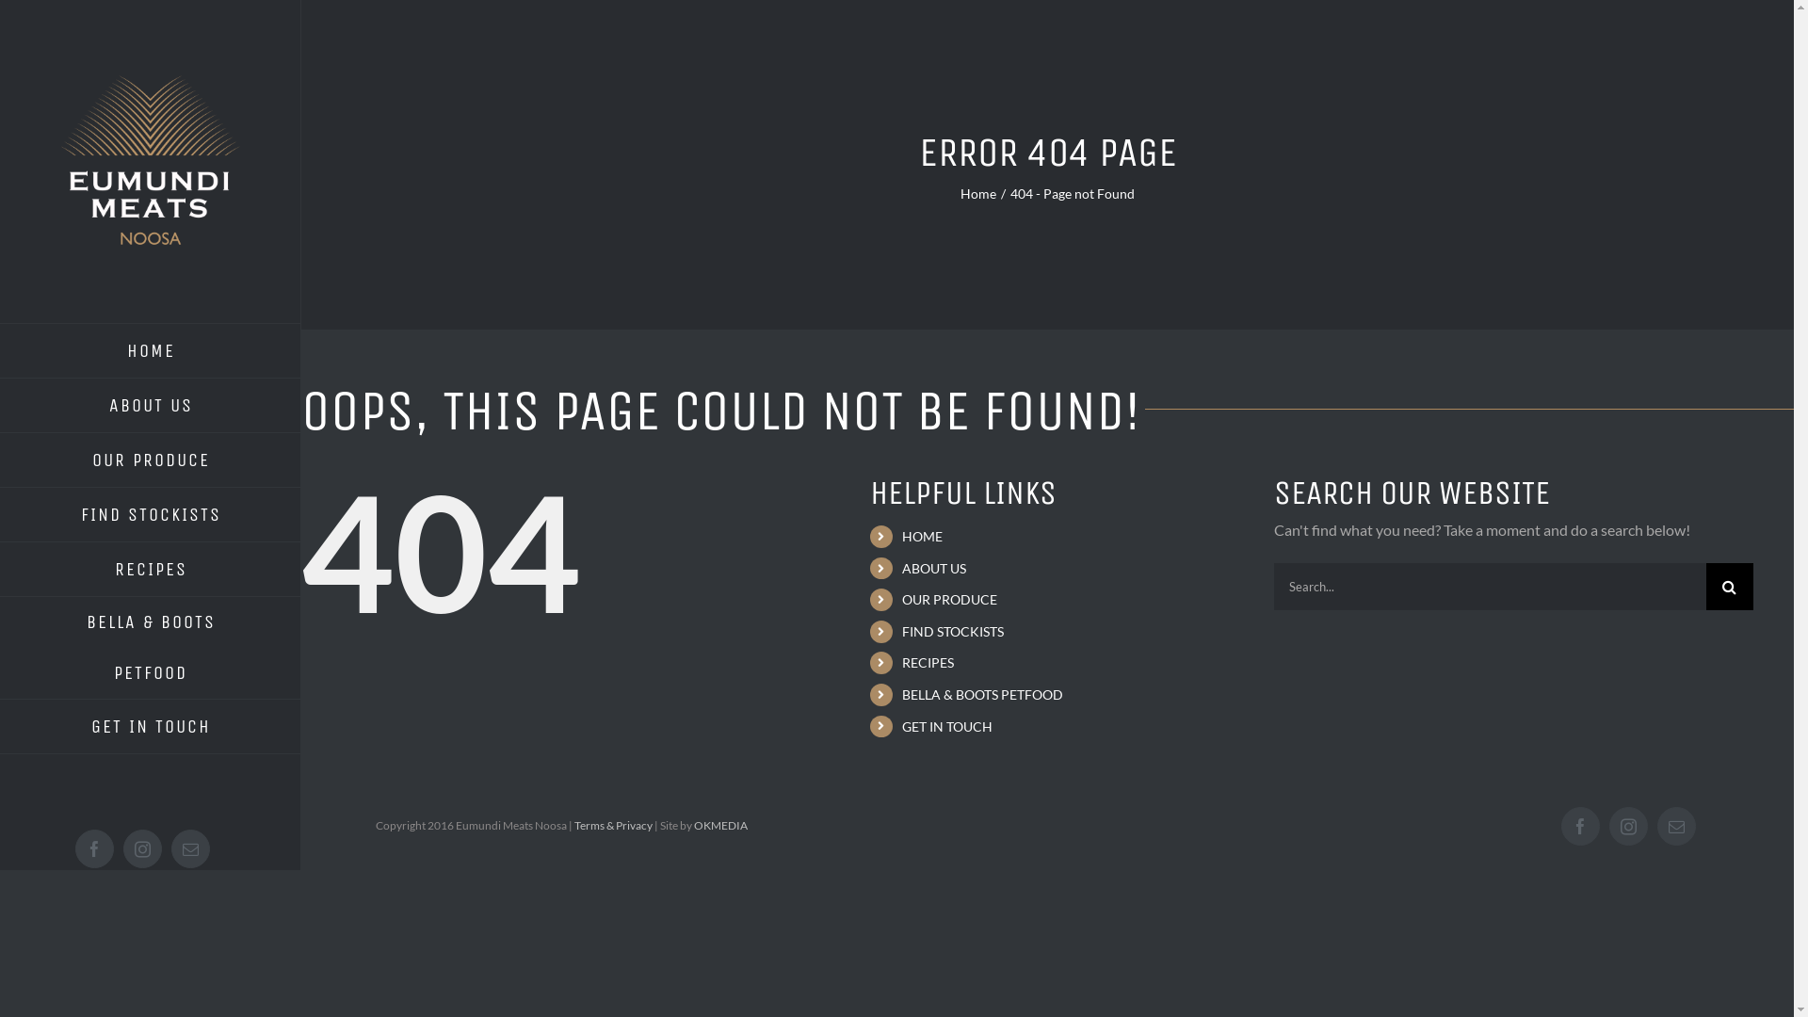 This screenshot has height=1017, width=1808. I want to click on 'Home', so click(977, 193).